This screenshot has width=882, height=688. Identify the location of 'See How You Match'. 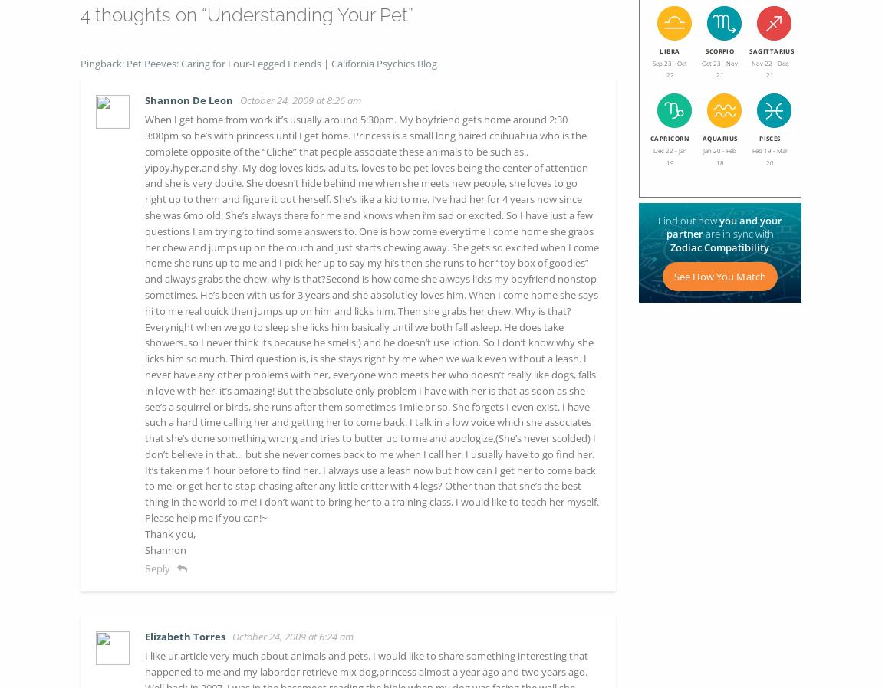
(719, 276).